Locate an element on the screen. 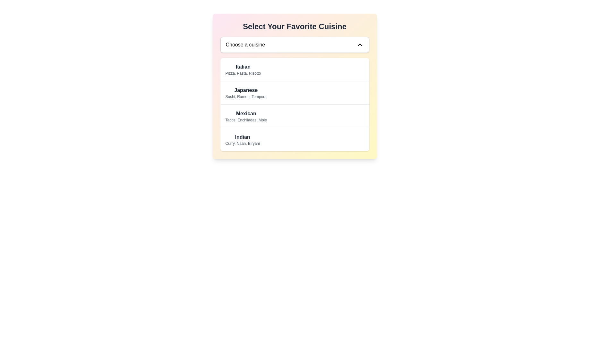  the static text component displaying the title 'Italian' in bold, dark gray color, located at the top of the dropdown menu directly below the 'Choose a cuisine' input field is located at coordinates (243, 69).